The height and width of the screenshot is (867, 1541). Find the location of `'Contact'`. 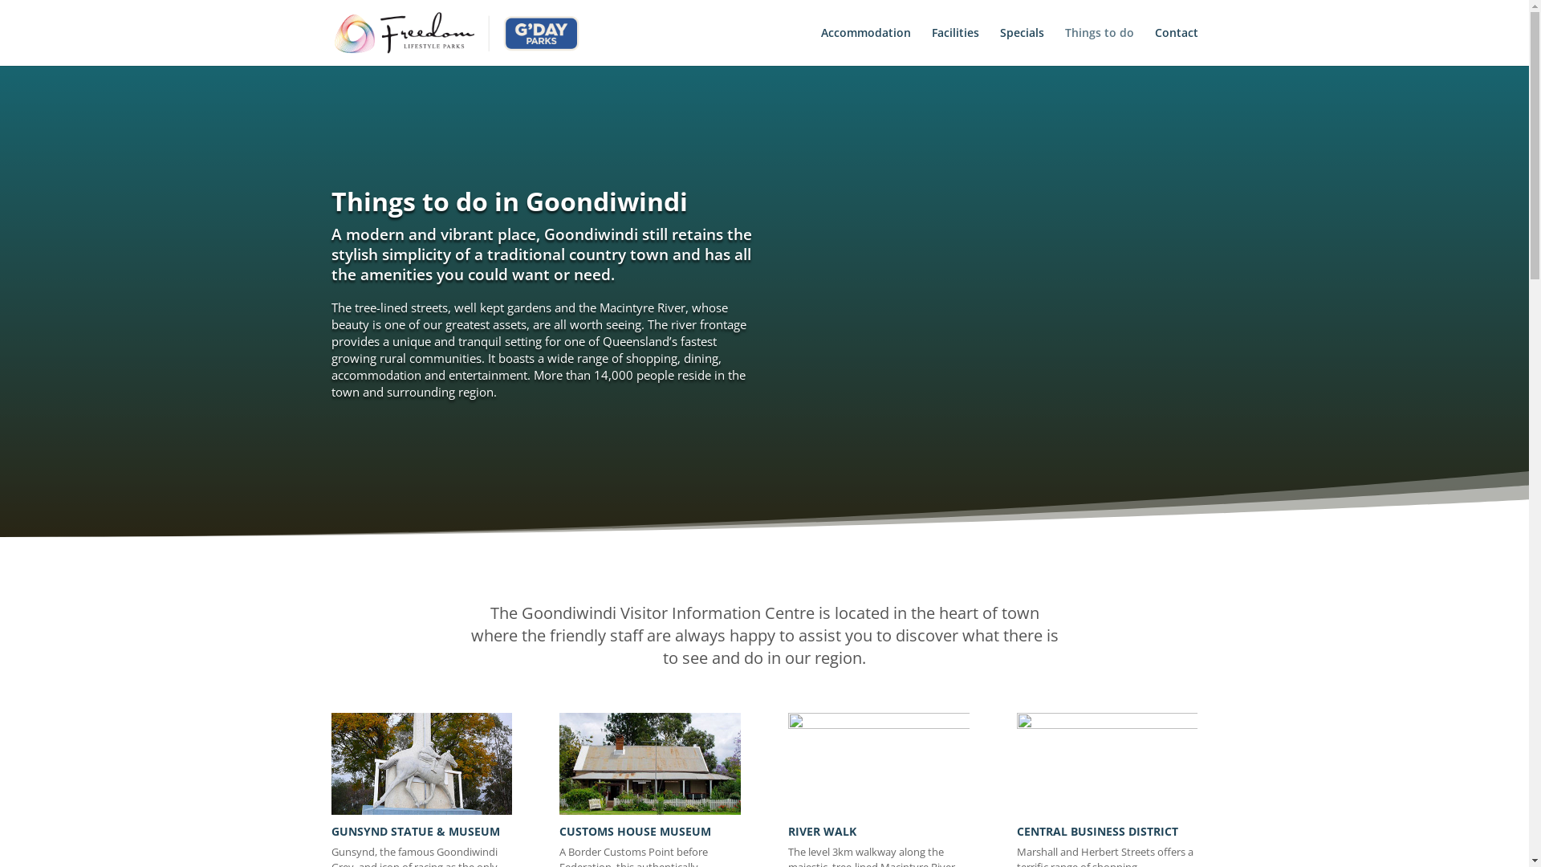

'Contact' is located at coordinates (1175, 45).